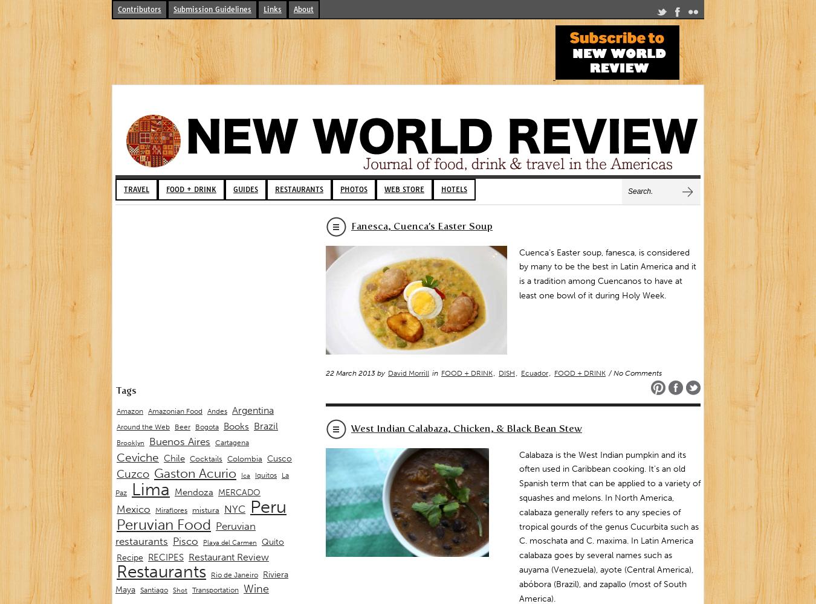  I want to click on 'in', so click(434, 372).